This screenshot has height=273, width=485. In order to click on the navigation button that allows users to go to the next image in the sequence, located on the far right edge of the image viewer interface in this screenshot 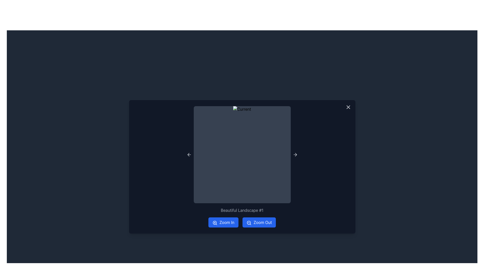, I will do `click(295, 154)`.